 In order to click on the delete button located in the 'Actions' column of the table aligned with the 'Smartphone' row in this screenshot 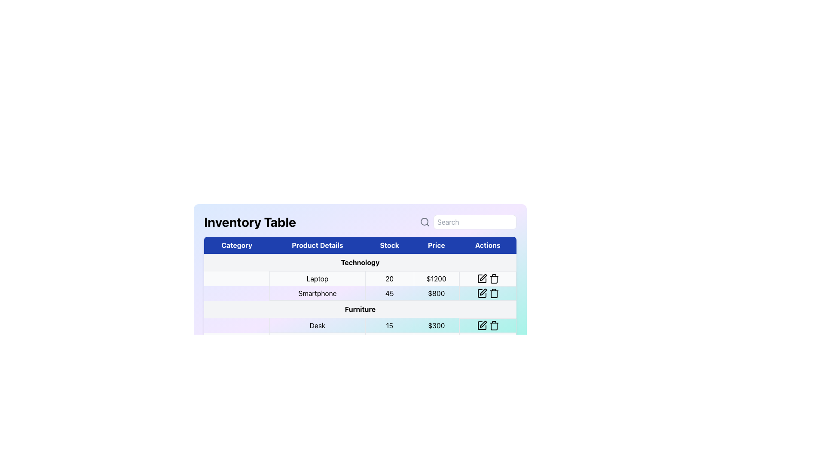, I will do `click(494, 293)`.